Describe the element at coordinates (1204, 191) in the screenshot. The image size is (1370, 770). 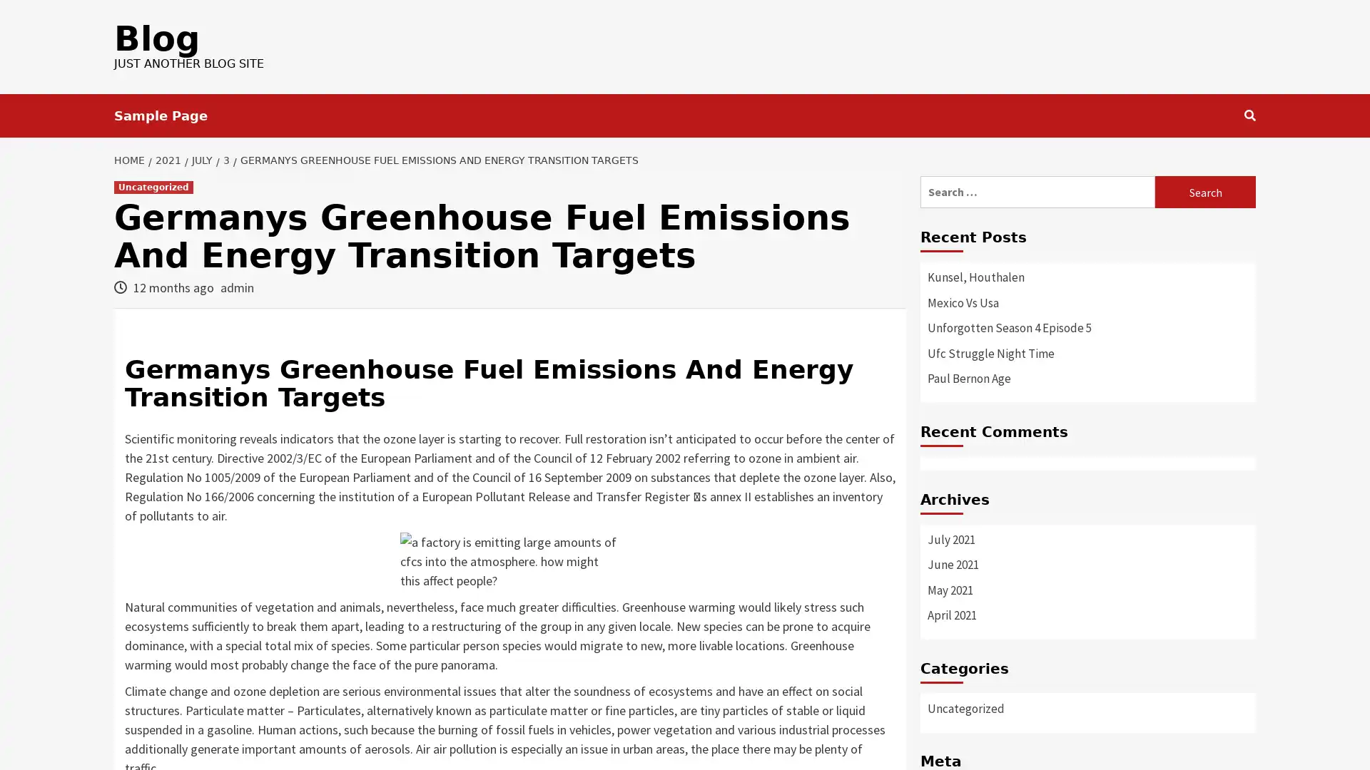
I see `Search` at that location.